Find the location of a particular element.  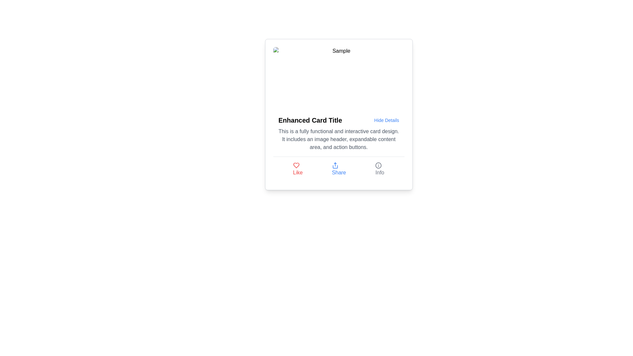

the SVG icon representing the share action, which is located in the middle section of the card's action area is located at coordinates (335, 165).